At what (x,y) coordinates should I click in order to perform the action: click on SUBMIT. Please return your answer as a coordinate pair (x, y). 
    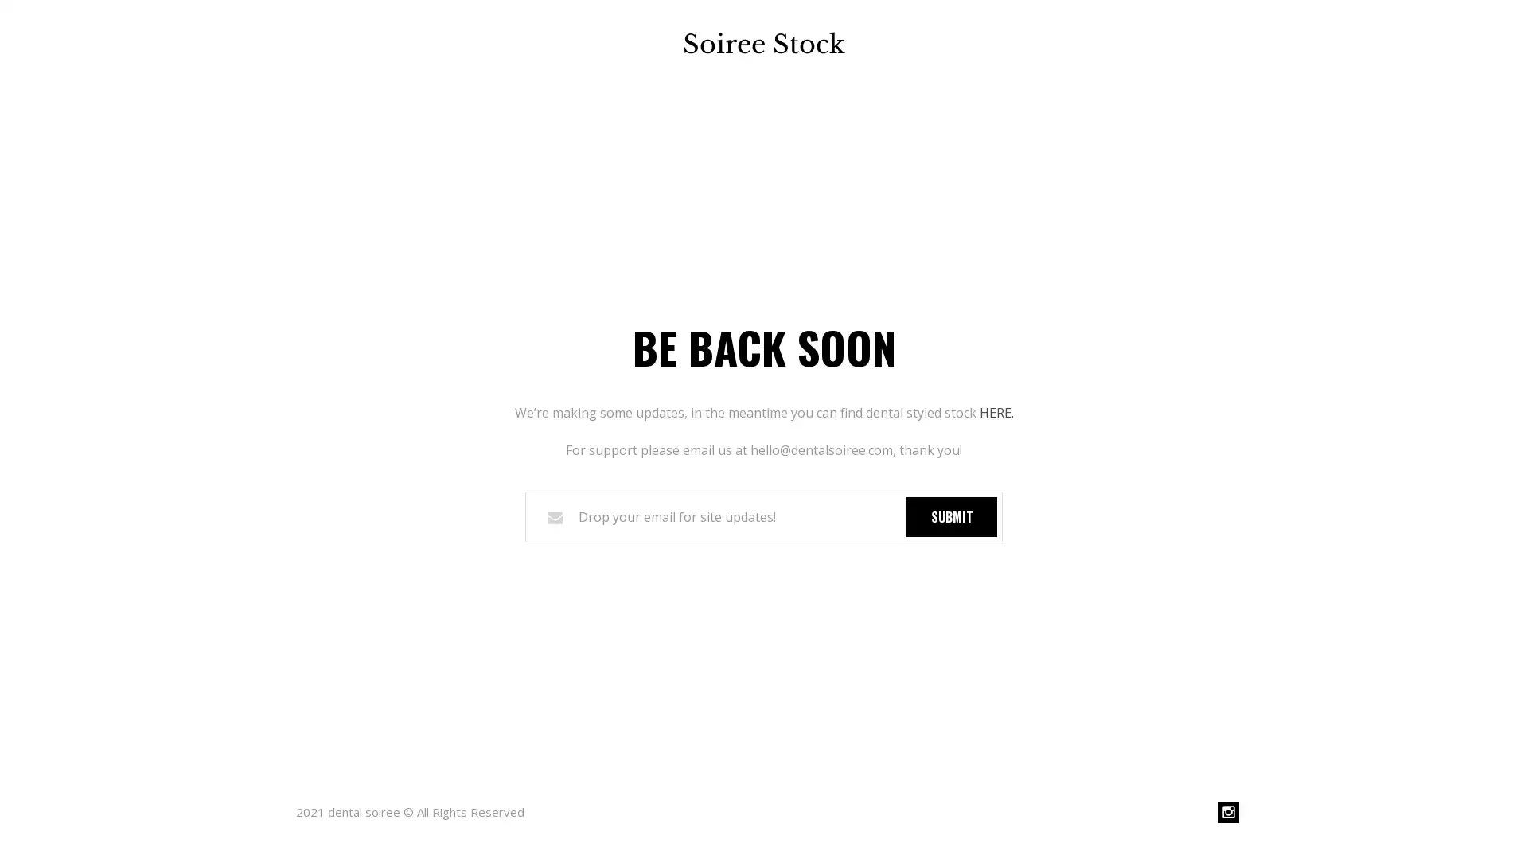
    Looking at the image, I should click on (951, 515).